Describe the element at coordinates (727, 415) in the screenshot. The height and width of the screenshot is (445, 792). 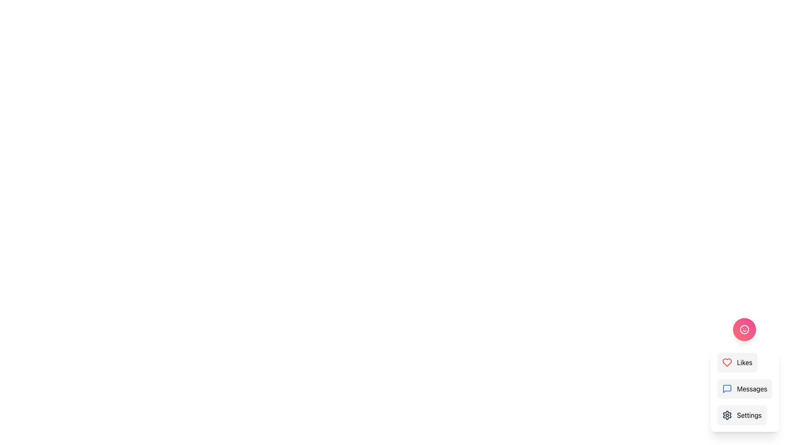
I see `the settings icon located at the bottom-right corner of the panel, which is the last entry in the vertical list containing 'Likes,' 'Messages,' and 'Settings,'` at that location.